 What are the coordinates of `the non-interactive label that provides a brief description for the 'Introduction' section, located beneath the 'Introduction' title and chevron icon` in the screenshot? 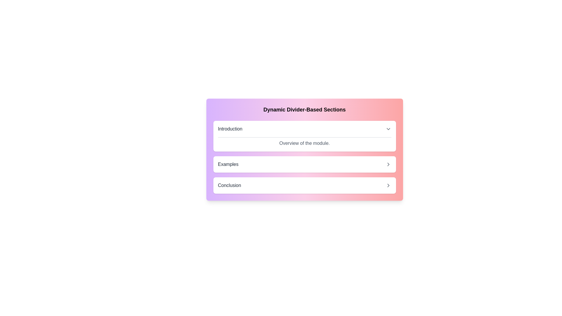 It's located at (304, 140).